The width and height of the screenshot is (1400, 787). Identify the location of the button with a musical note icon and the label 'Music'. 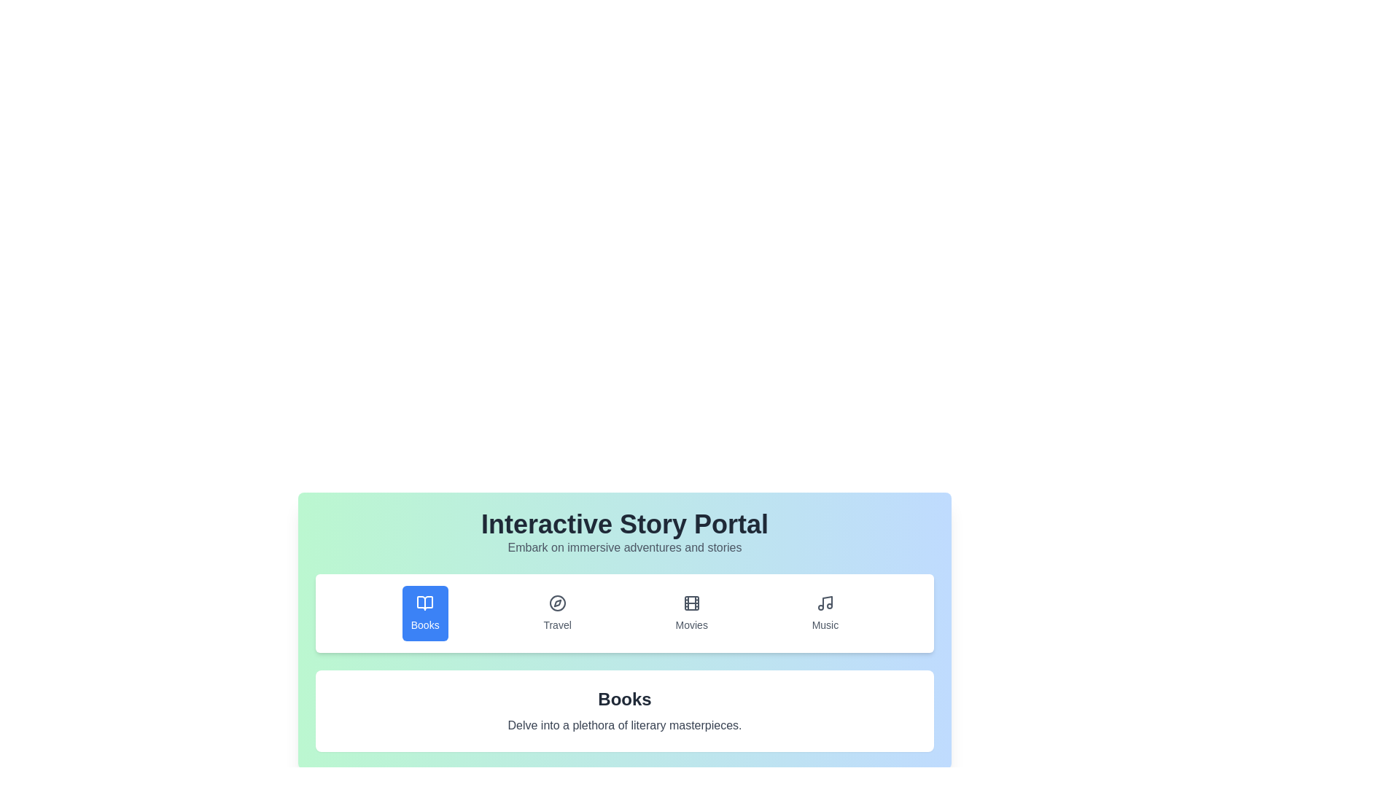
(825, 613).